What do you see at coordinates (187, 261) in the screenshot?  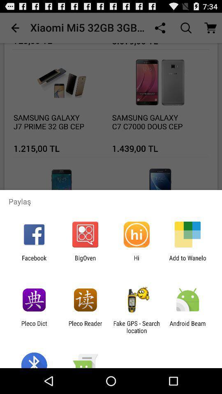 I see `the icon next to the hi item` at bounding box center [187, 261].